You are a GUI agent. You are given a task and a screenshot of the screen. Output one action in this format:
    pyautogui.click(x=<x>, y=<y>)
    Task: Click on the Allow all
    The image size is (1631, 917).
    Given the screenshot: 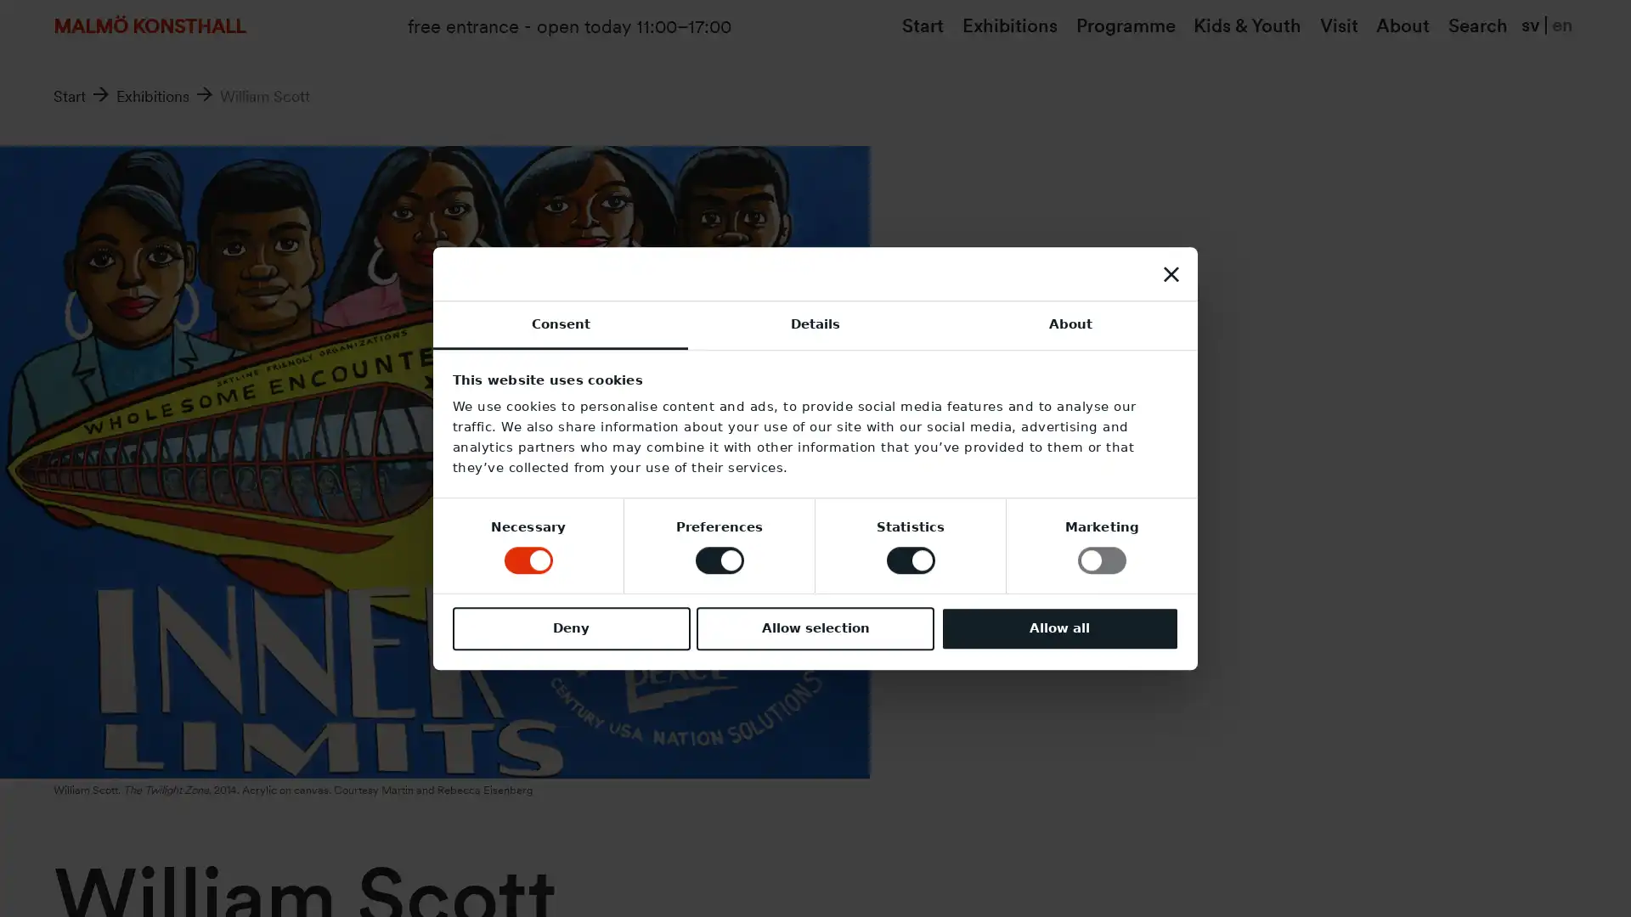 What is the action you would take?
    pyautogui.click(x=1058, y=628)
    